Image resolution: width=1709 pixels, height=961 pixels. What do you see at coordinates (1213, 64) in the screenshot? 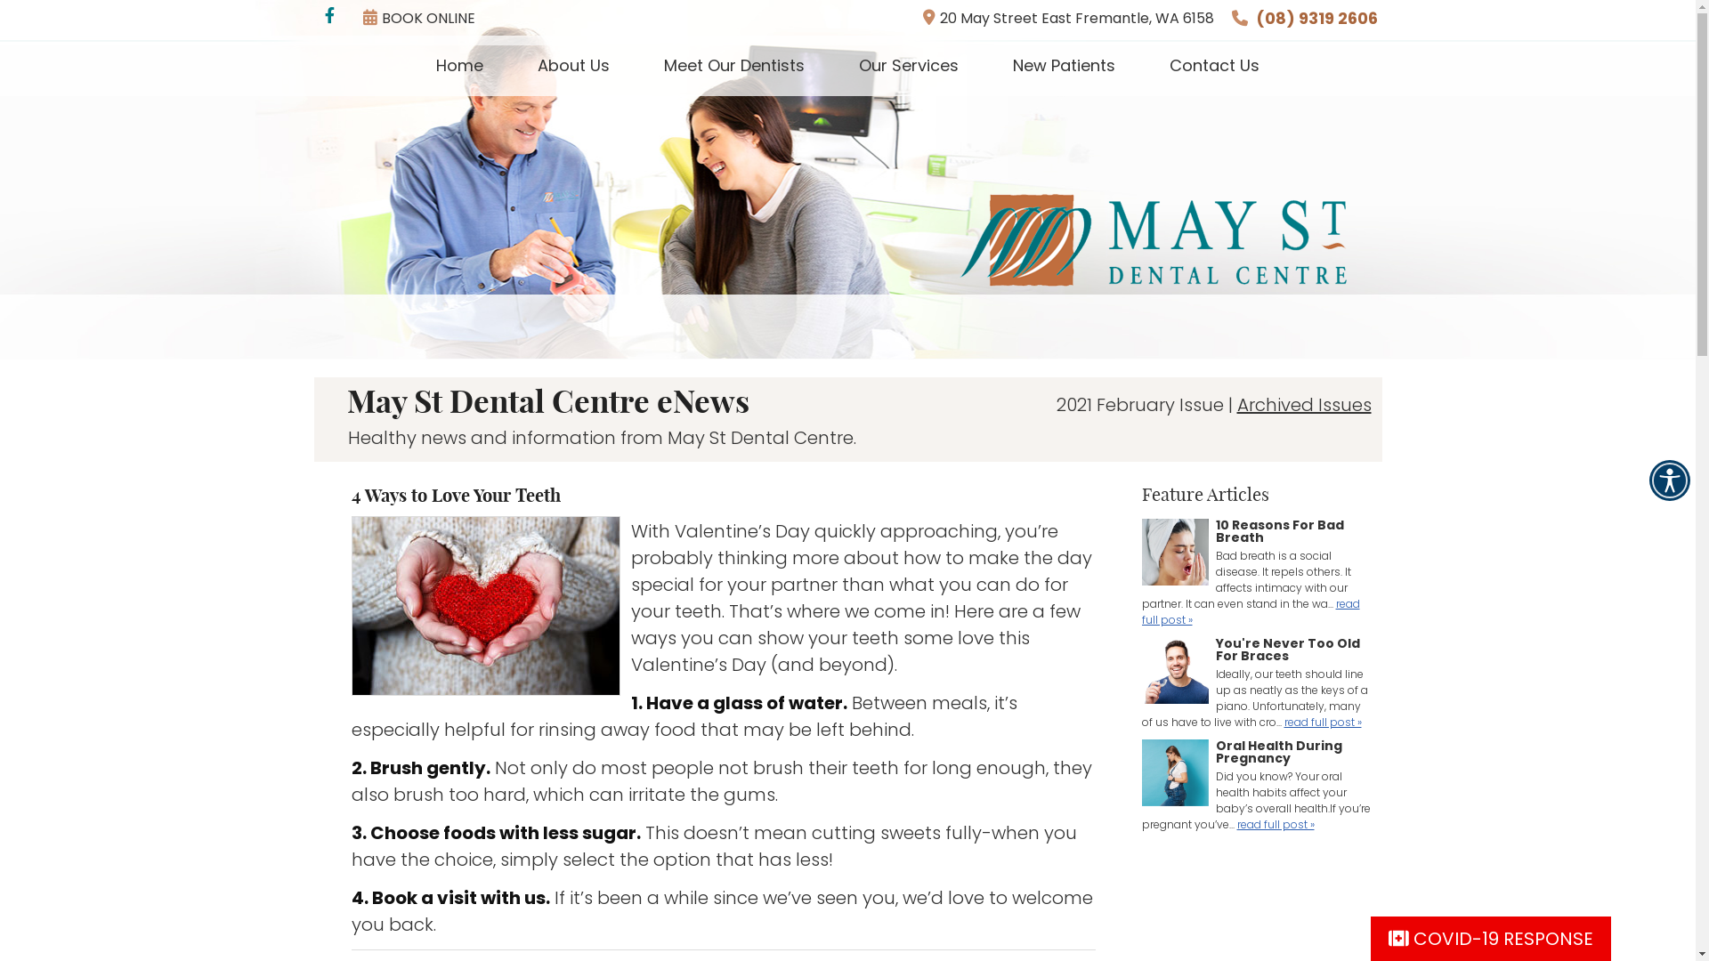
I see `'Contact Us'` at bounding box center [1213, 64].